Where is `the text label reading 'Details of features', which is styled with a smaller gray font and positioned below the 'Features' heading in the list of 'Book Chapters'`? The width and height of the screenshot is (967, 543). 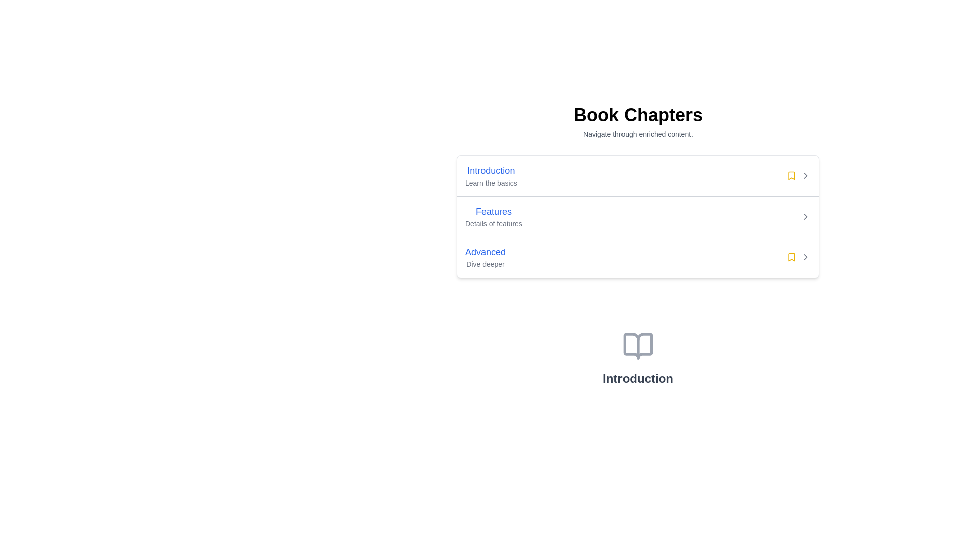
the text label reading 'Details of features', which is styled with a smaller gray font and positioned below the 'Features' heading in the list of 'Book Chapters' is located at coordinates (494, 223).